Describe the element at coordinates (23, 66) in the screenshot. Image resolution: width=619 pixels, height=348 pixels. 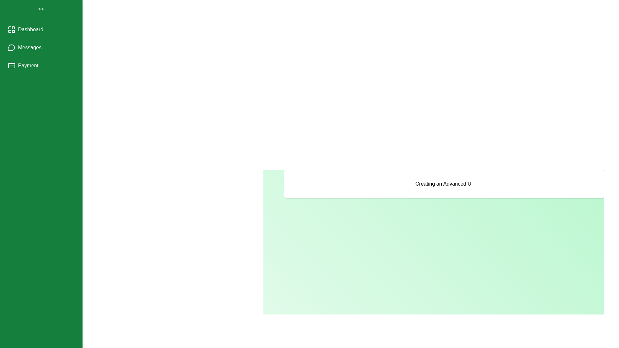
I see `the 'Payment' button in the sidebar, which features a credit card icon and white text on a green background` at that location.